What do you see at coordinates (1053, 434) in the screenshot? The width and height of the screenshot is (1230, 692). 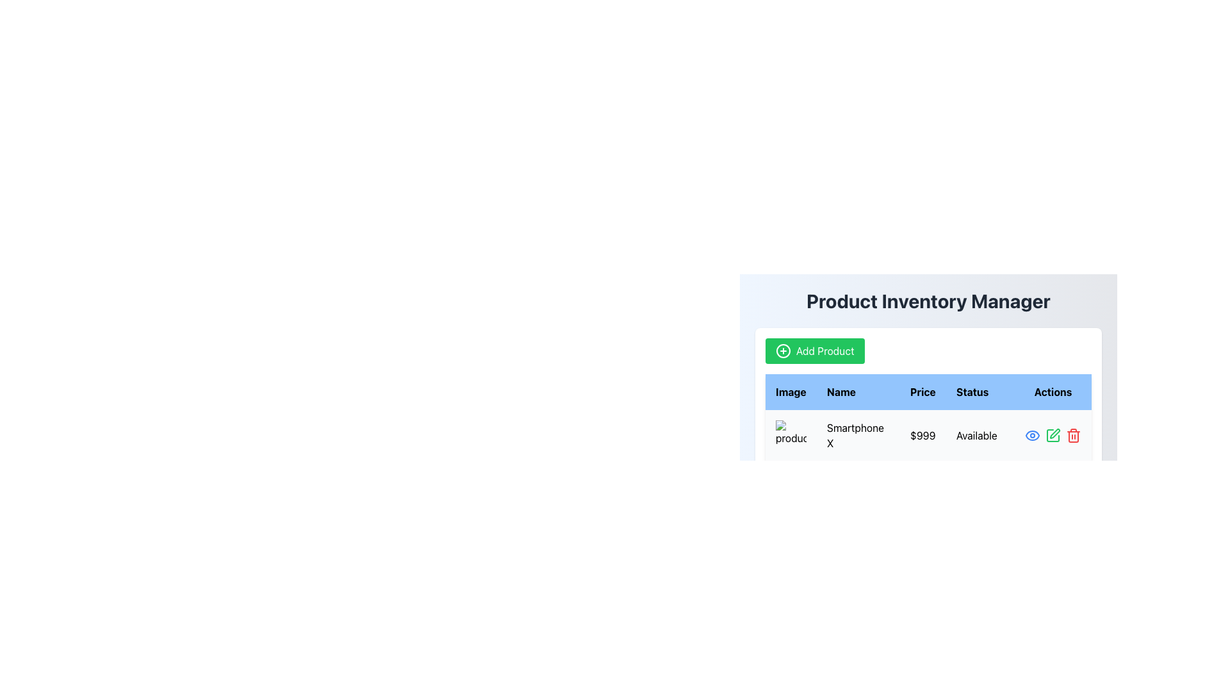 I see `the edit button with a green pencil icon located between the blue eye icon and the red trash can icon in the actions row for 'Smartphone X'` at bounding box center [1053, 434].